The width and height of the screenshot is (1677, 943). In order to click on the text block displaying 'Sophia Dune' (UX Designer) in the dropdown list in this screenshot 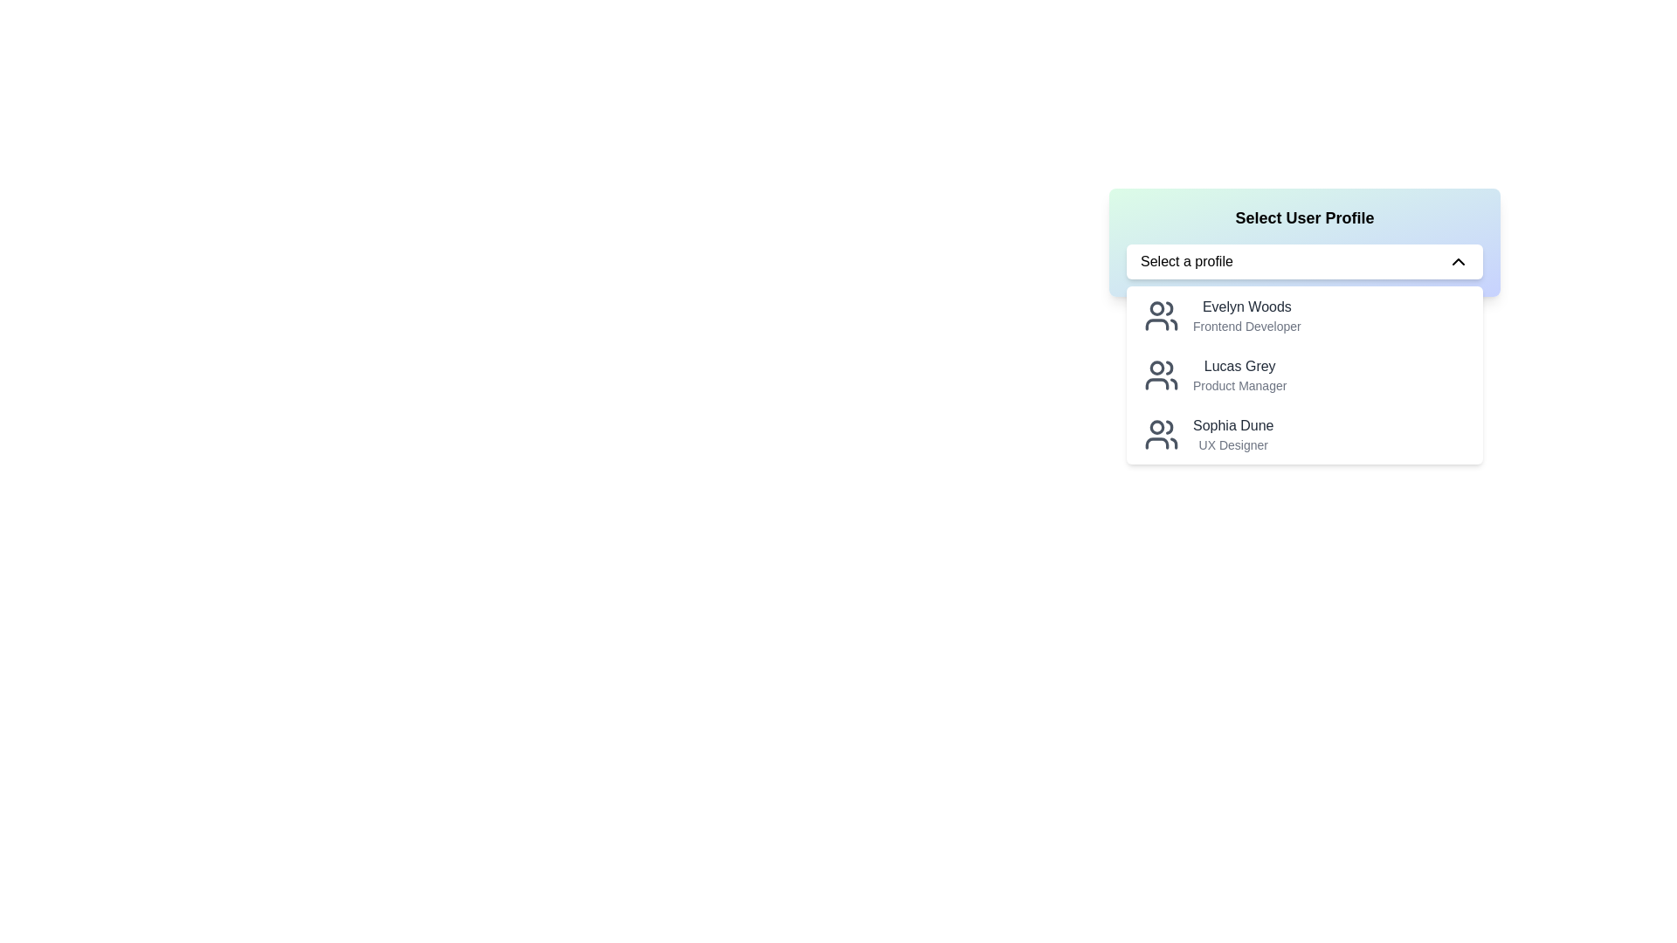, I will do `click(1232, 433)`.